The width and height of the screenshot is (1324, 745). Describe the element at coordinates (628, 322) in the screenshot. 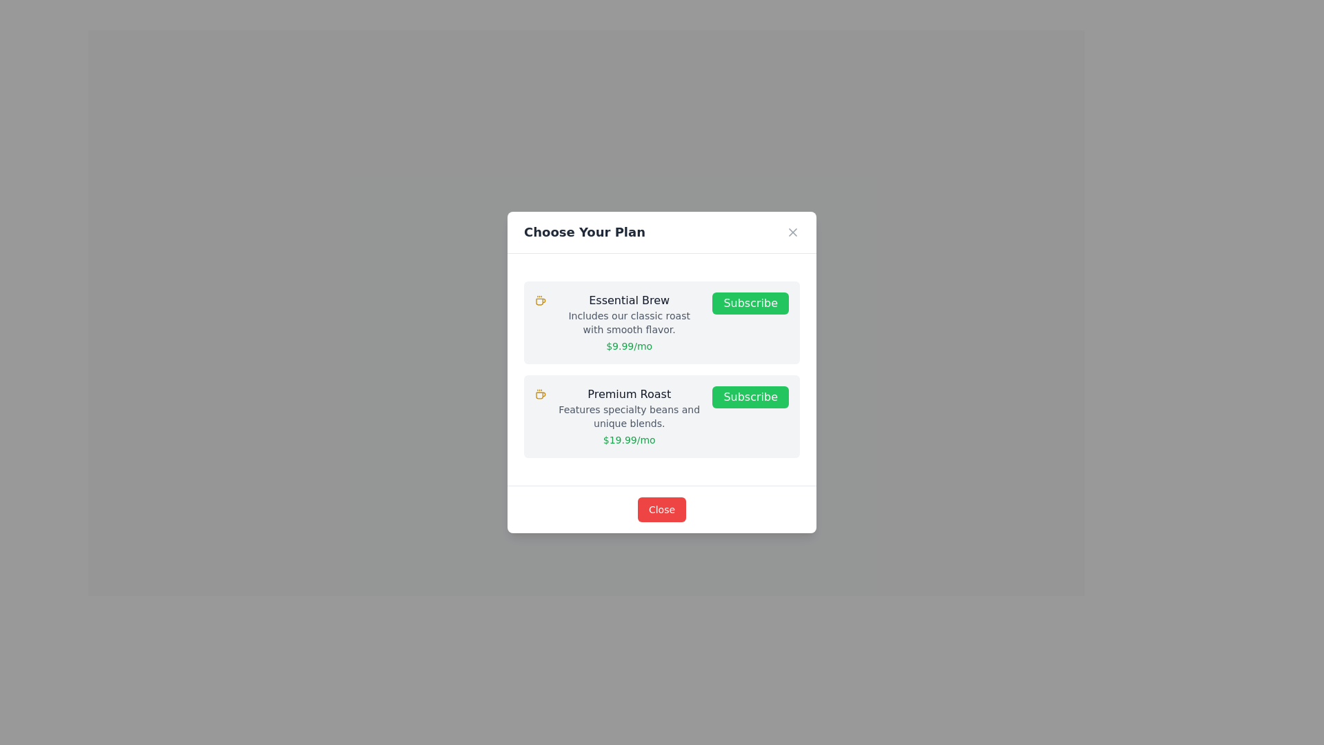

I see `information displayed in the text block featuring the heading 'Essential Brew', subheading 'Includes our classic roast with smooth flavor.', and pricing detail '$9.99/mo'` at that location.